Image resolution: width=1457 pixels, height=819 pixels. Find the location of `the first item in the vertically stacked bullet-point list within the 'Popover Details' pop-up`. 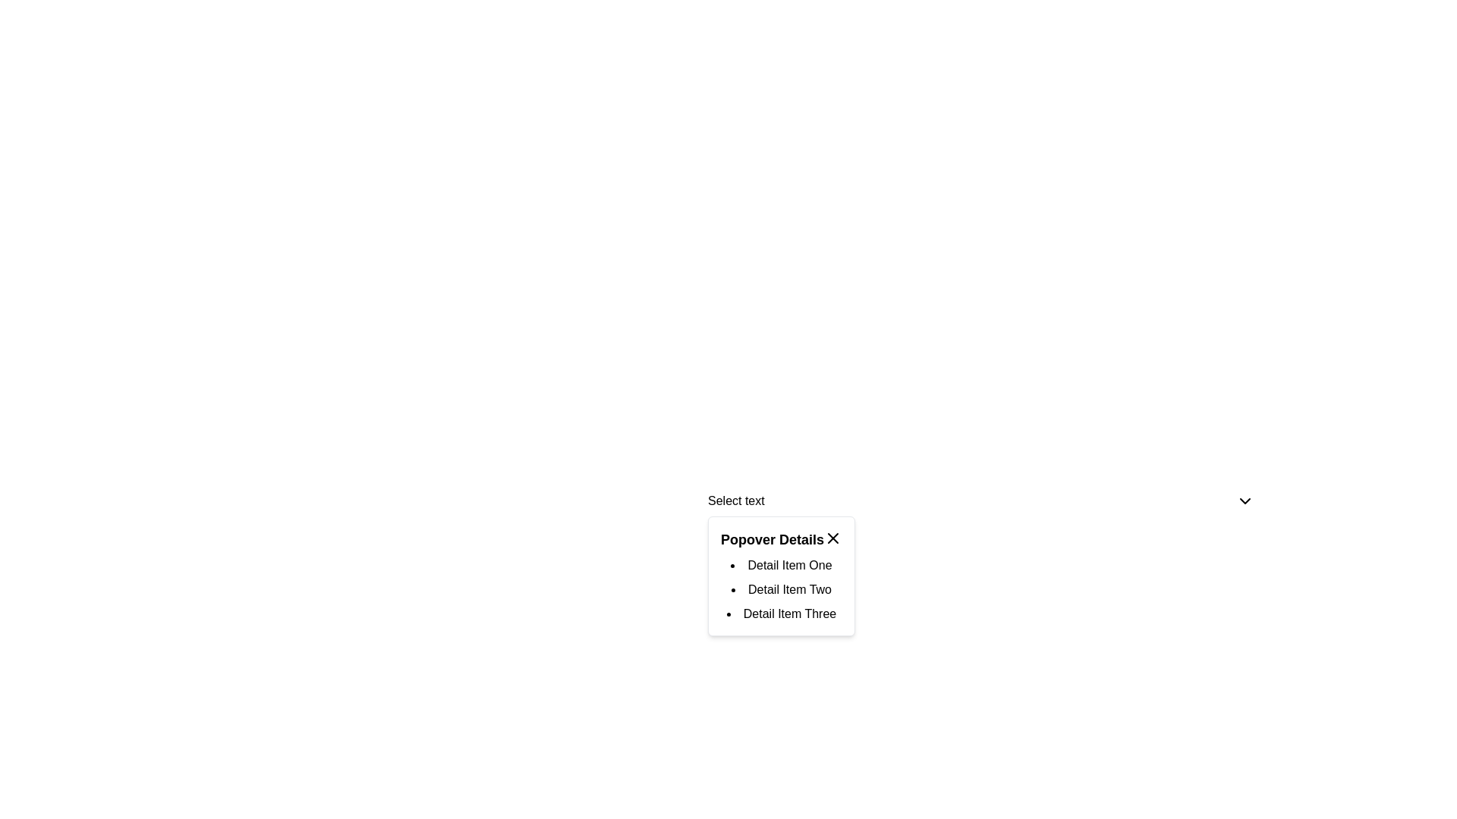

the first item in the vertically stacked bullet-point list within the 'Popover Details' pop-up is located at coordinates (782, 565).